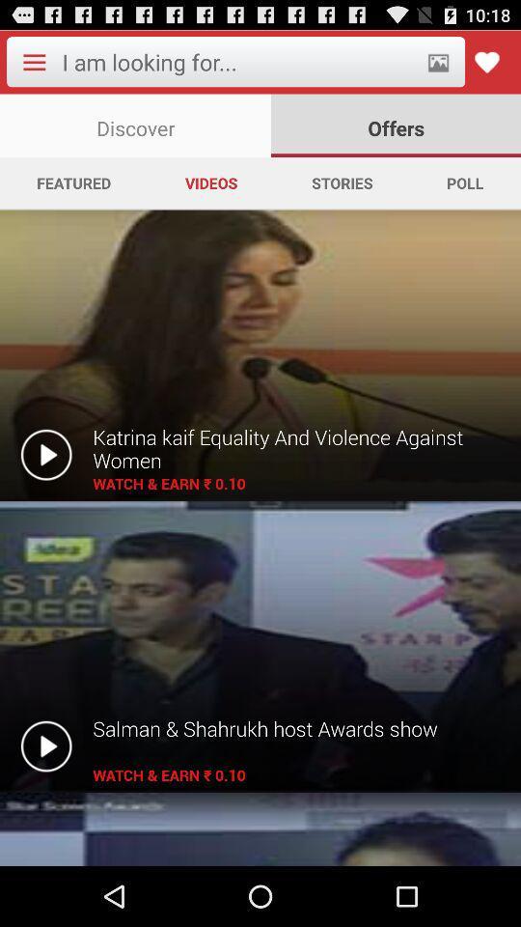 This screenshot has height=927, width=521. Describe the element at coordinates (134, 125) in the screenshot. I see `discover app` at that location.